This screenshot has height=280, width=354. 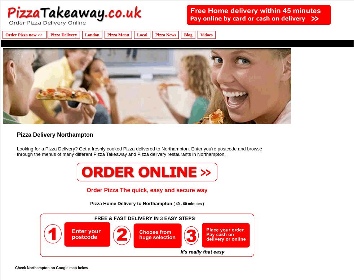 What do you see at coordinates (147, 190) in the screenshot?
I see `'Order 
                          Pizza The quick, easy and secure way'` at bounding box center [147, 190].